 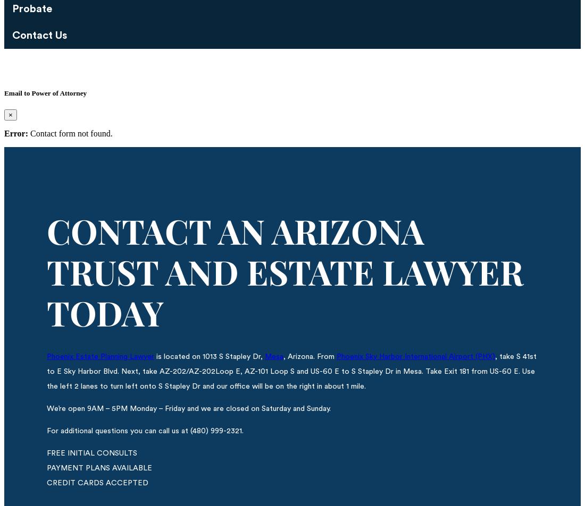 What do you see at coordinates (145, 431) in the screenshot?
I see `'For additional questions you can call us at (480) 999-2321.'` at bounding box center [145, 431].